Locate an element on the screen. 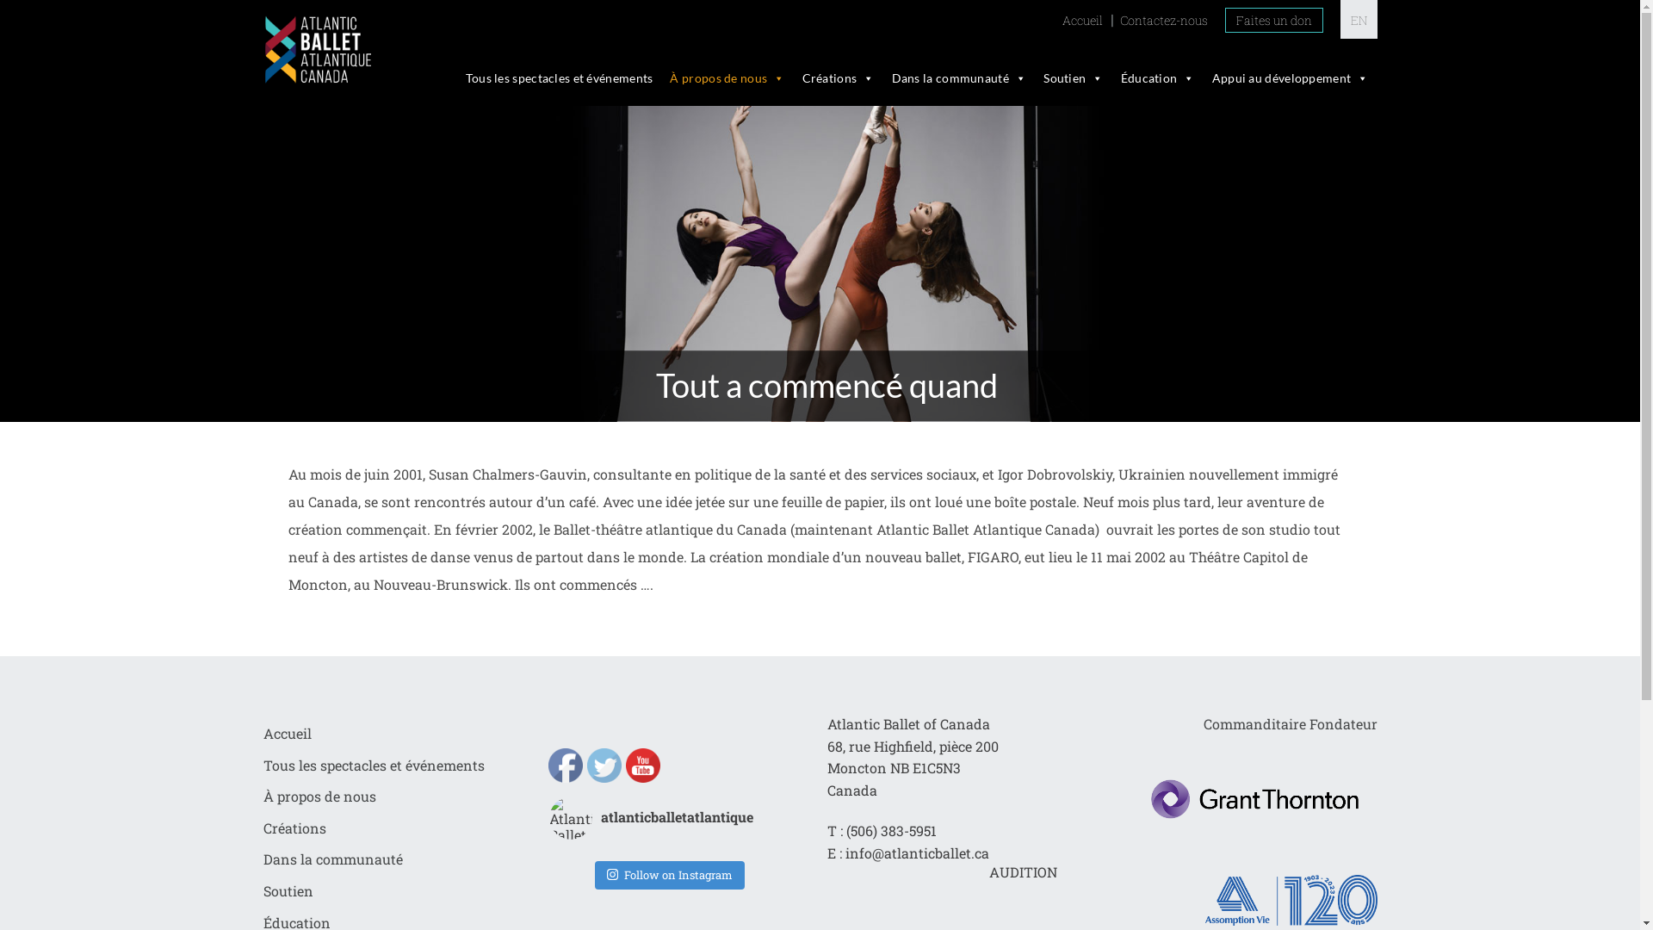 This screenshot has height=930, width=1653. 'T : (506) 383-5951' is located at coordinates (882, 829).